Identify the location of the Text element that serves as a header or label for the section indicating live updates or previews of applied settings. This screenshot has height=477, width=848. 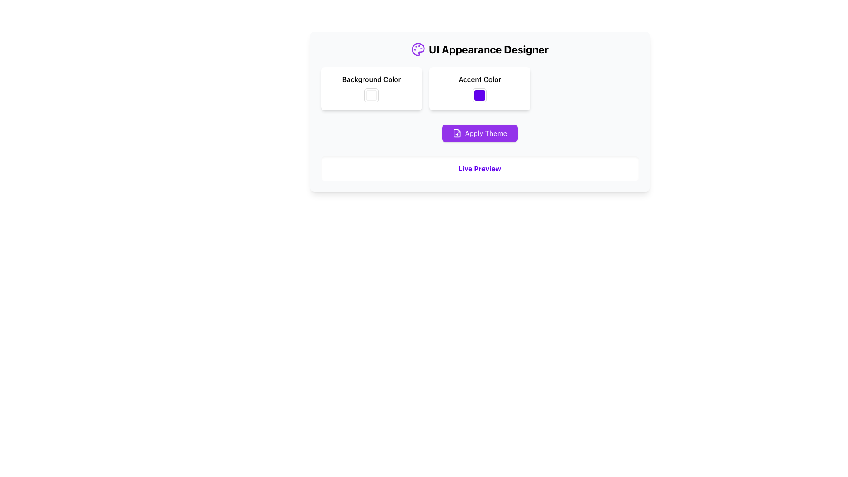
(479, 168).